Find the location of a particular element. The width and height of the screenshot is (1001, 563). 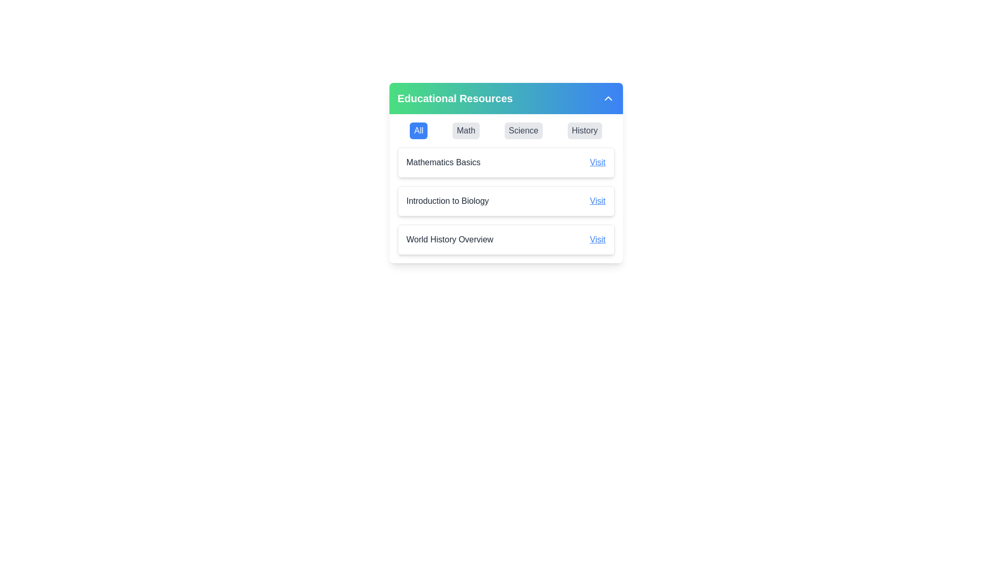

the upward-facing chevron icon button located in the top-right corner of the 'Educational Resources' header section is located at coordinates (608, 99).